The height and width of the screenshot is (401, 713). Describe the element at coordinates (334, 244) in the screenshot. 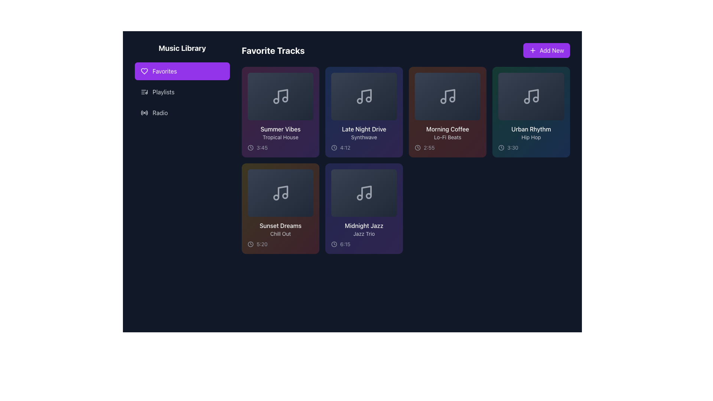

I see `Circle graphic element of the clock icon within the 'Midnight Jazz' track card by using the developer tools` at that location.